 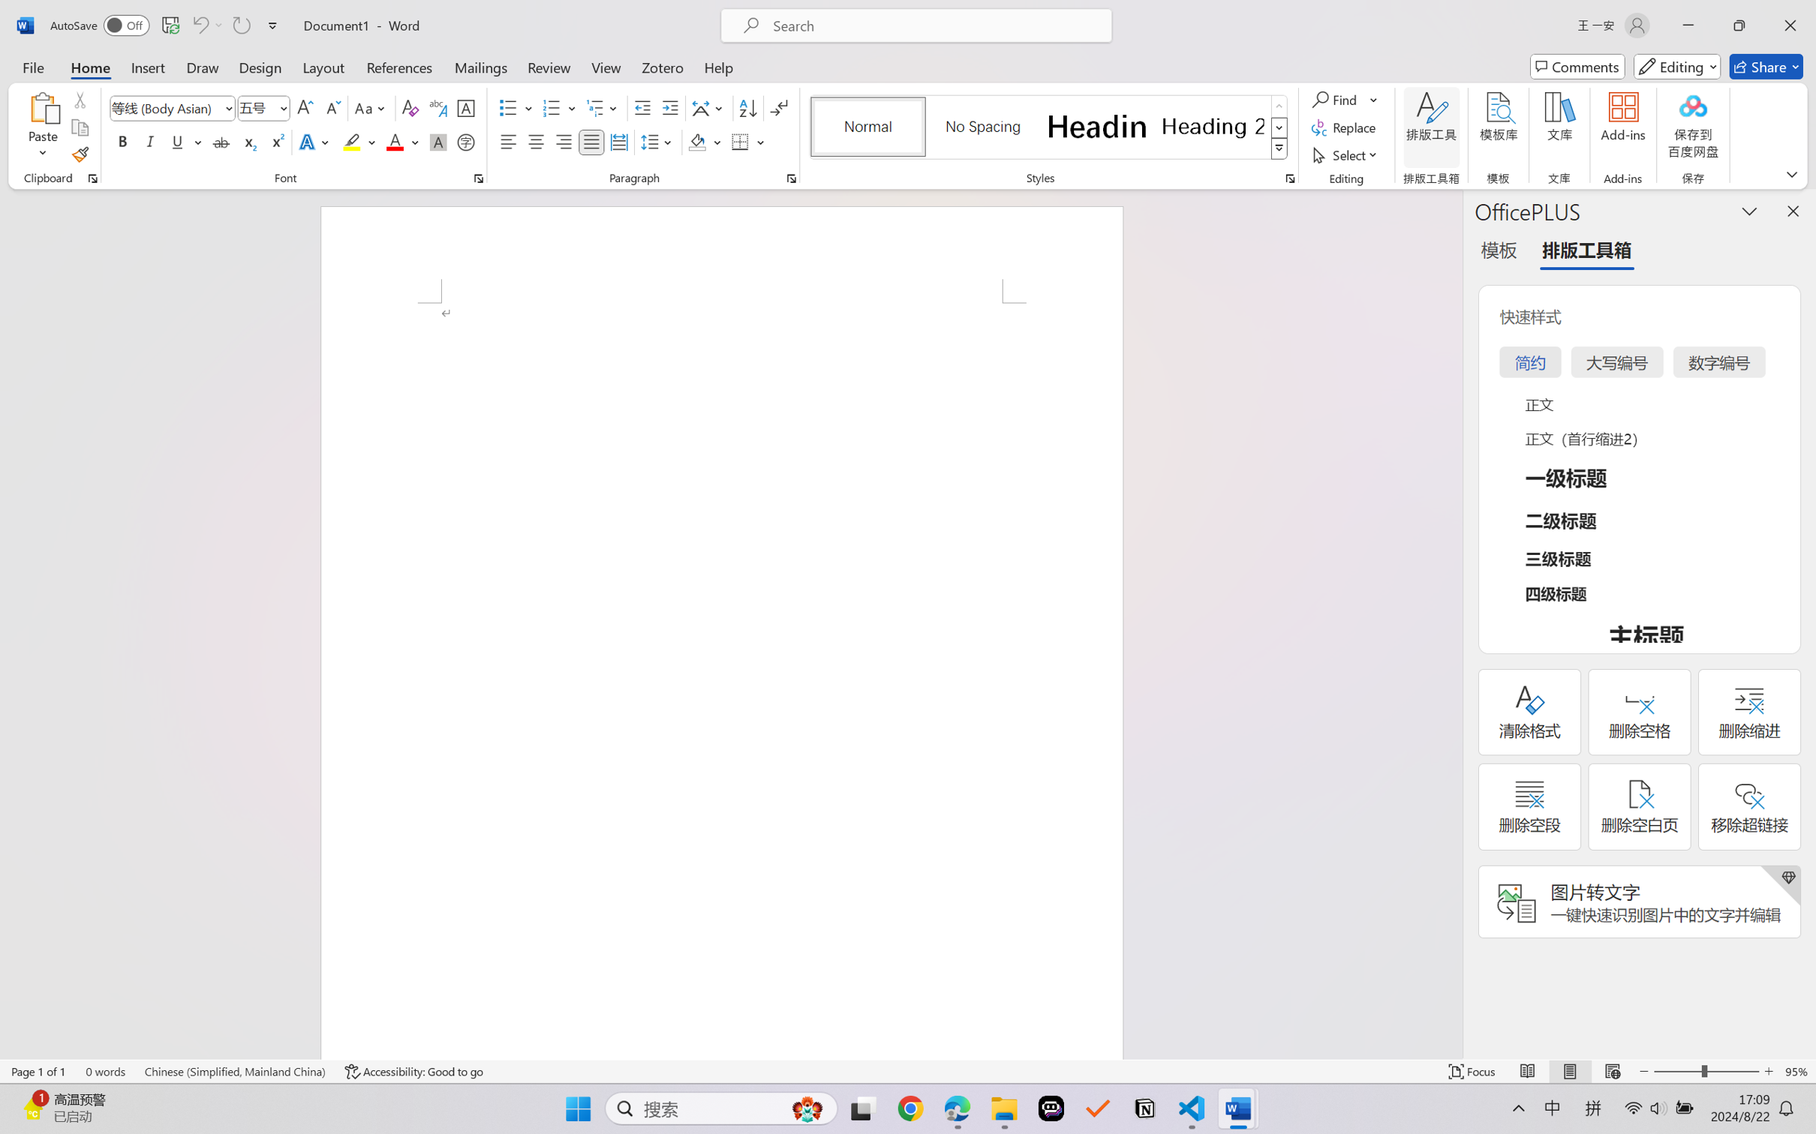 I want to click on 'Can', so click(x=199, y=25).